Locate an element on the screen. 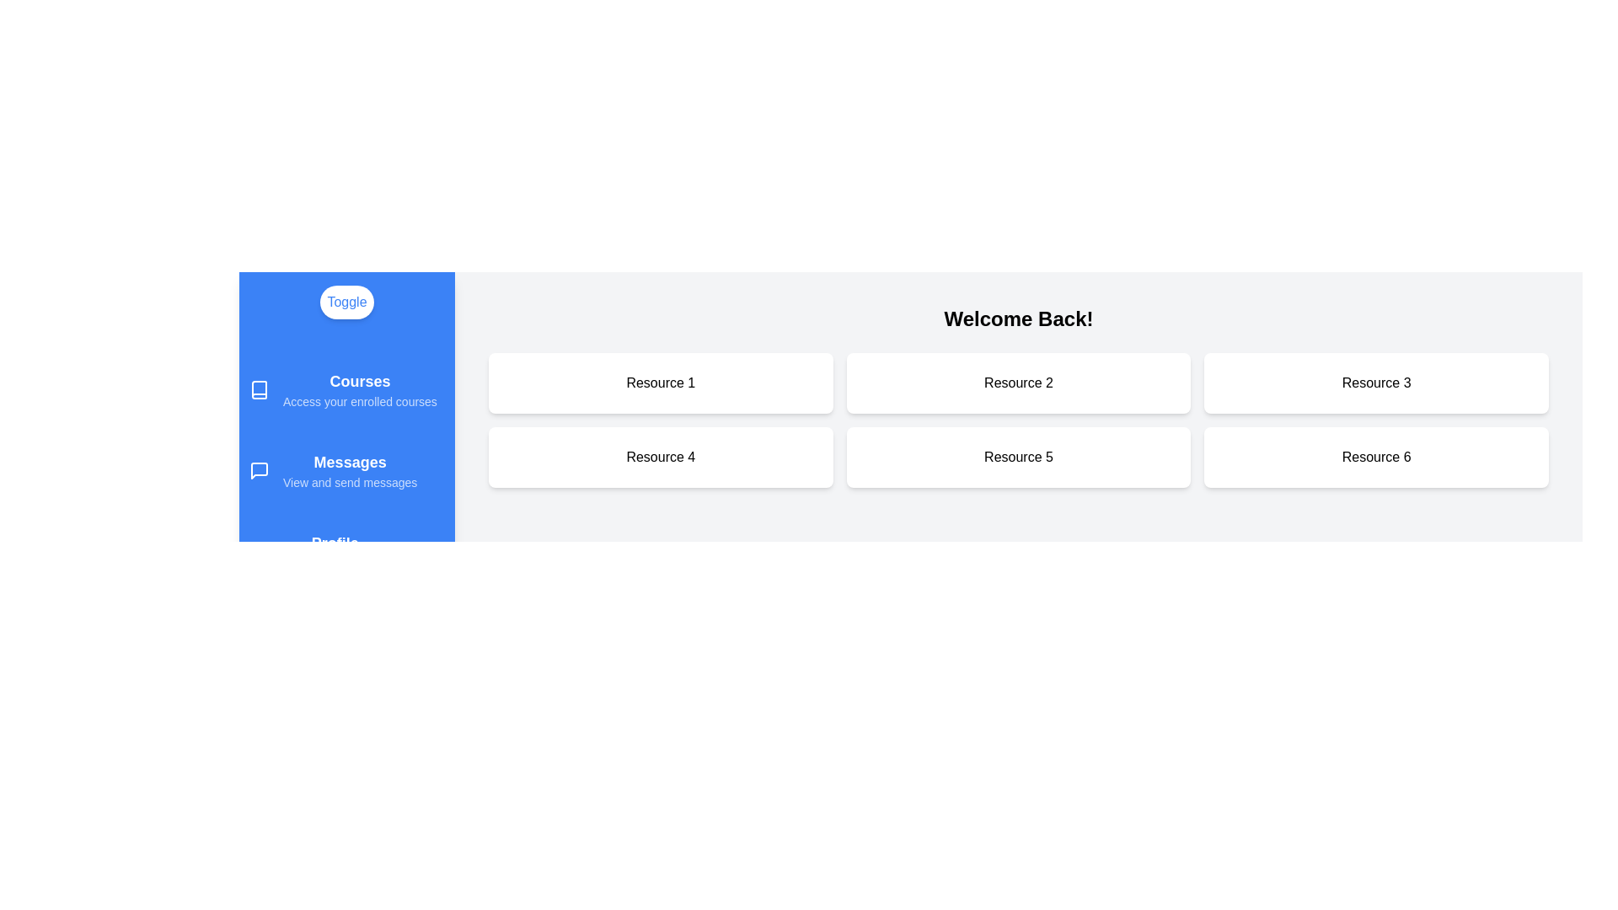 The image size is (1618, 910). the Profile section in the drawer is located at coordinates (346, 552).